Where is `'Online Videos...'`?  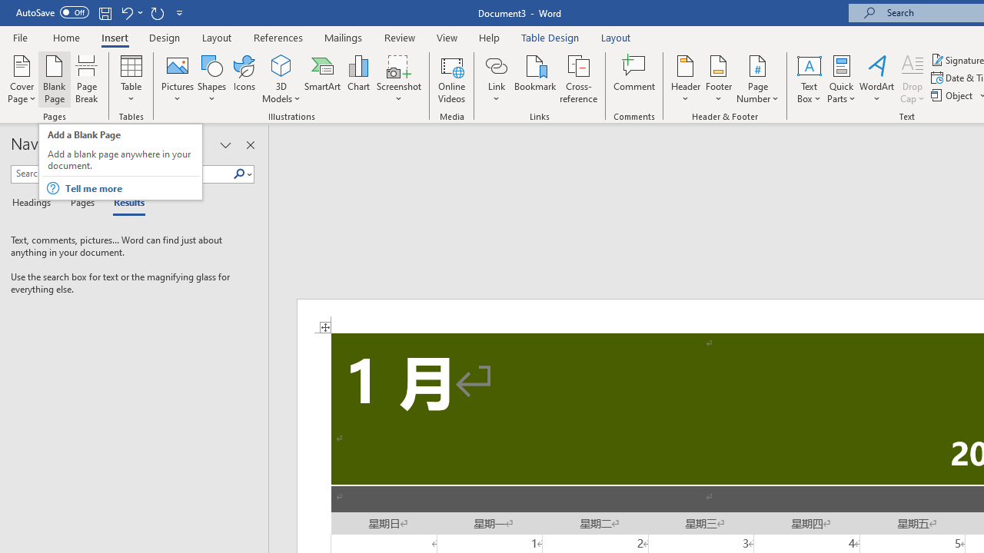
'Online Videos...' is located at coordinates (451, 79).